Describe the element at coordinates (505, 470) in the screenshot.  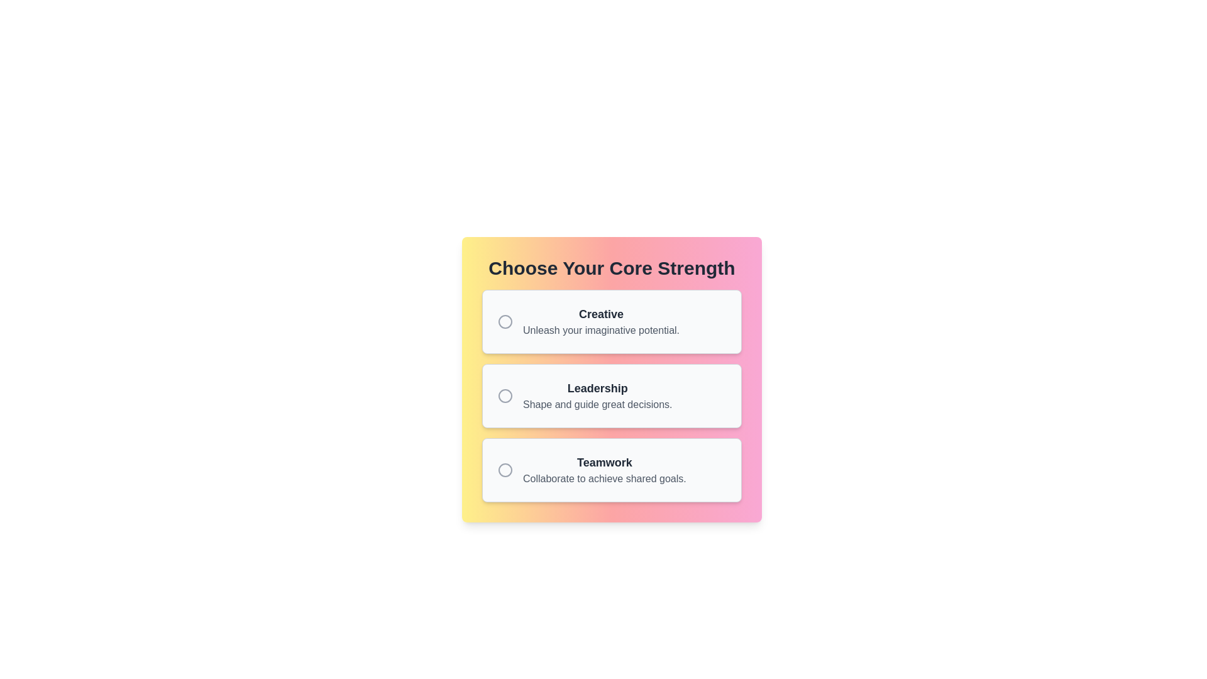
I see `the hollow circular radio button inside the 'Teamwork' option box` at that location.